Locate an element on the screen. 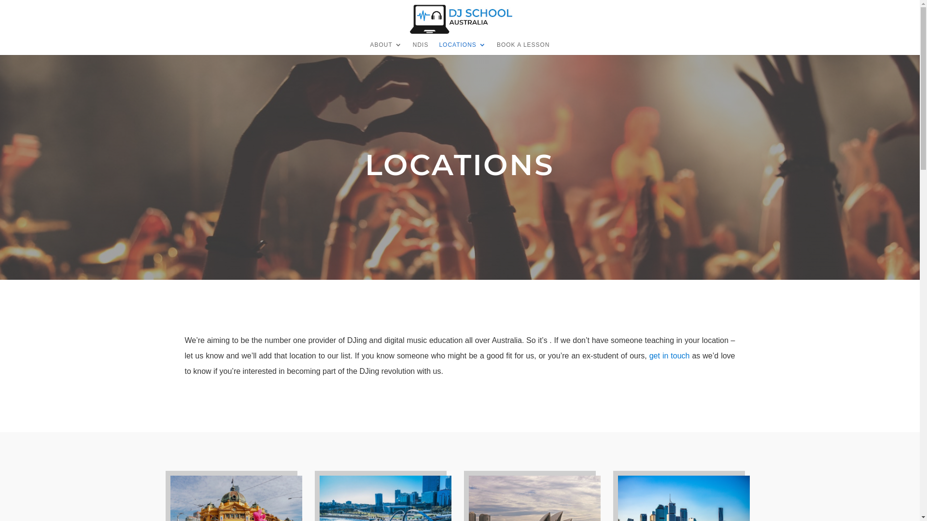 The height and width of the screenshot is (521, 927). 'BOOK A LESSON' is located at coordinates (523, 48).